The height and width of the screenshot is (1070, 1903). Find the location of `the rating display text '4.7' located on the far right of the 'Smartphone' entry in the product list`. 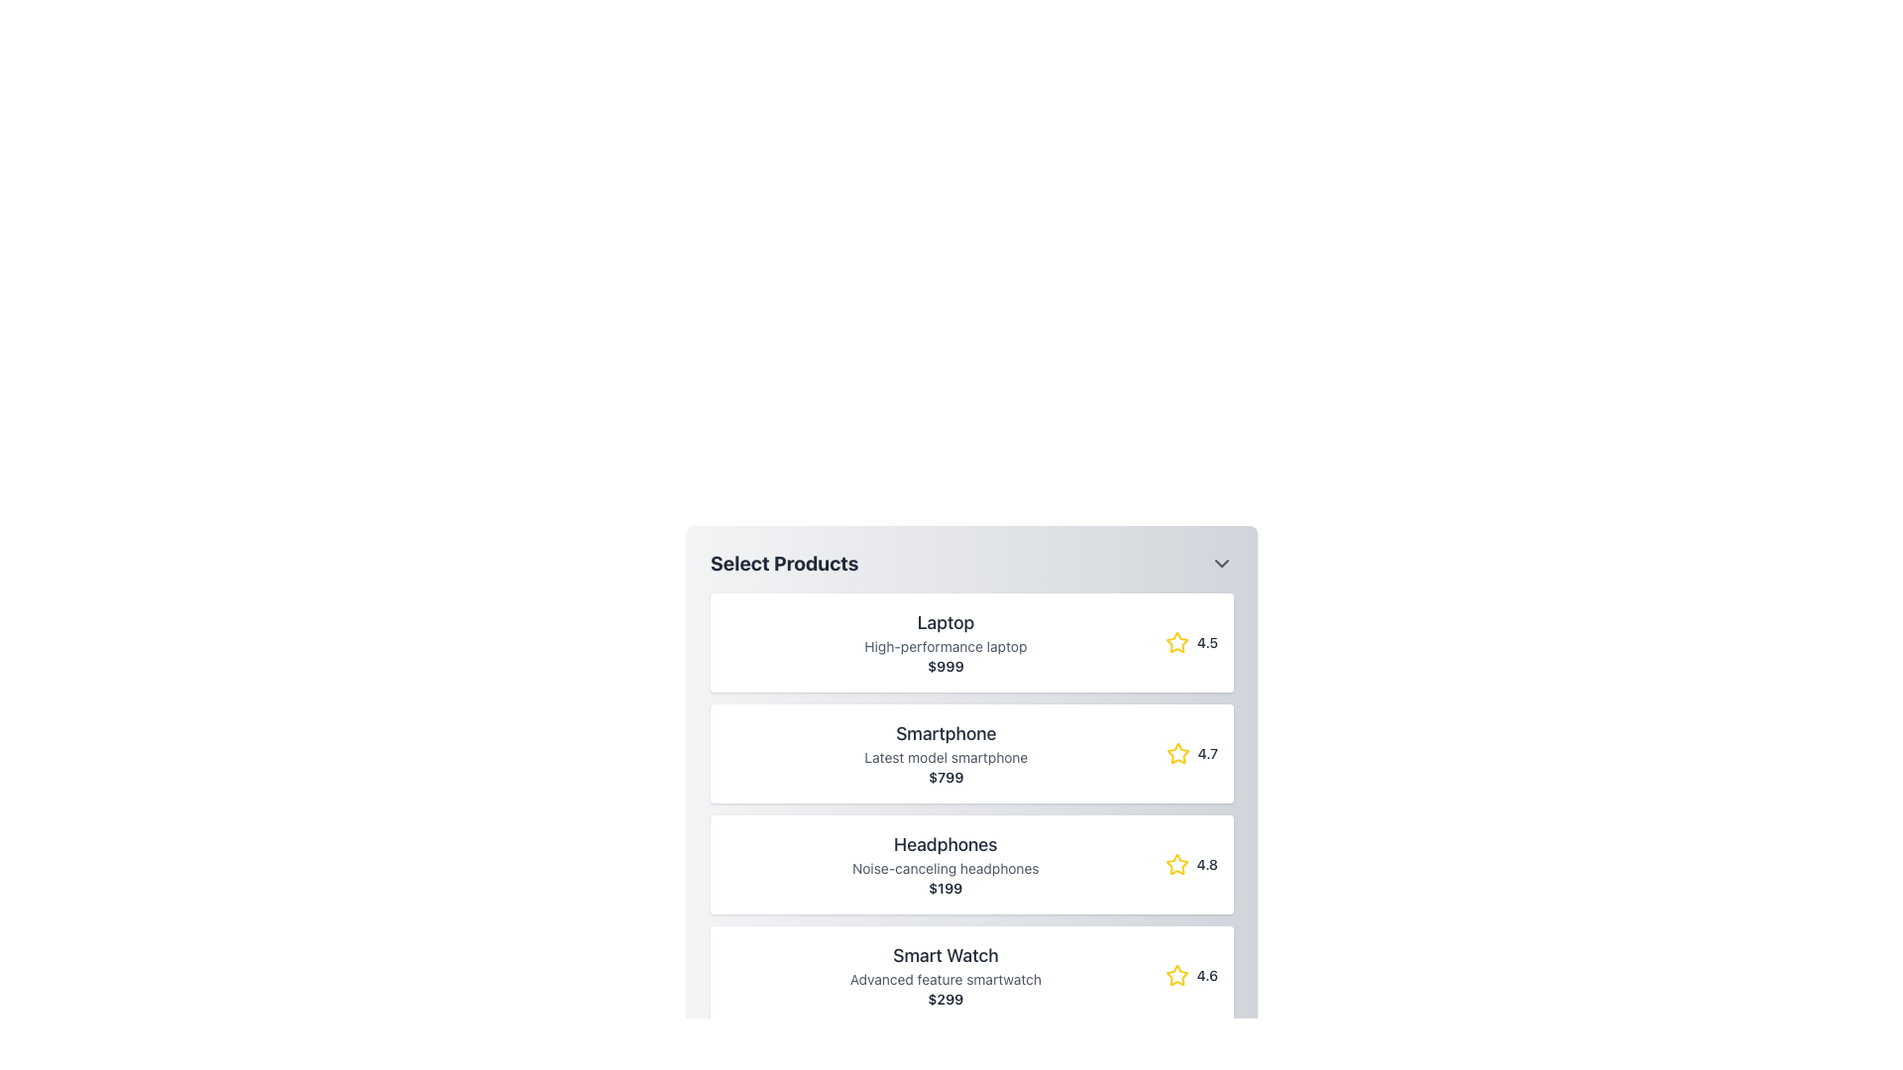

the rating display text '4.7' located on the far right of the 'Smartphone' entry in the product list is located at coordinates (1190, 753).